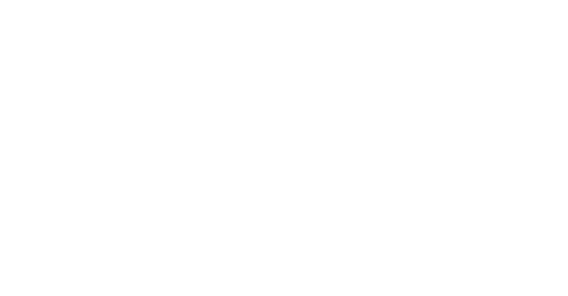  What do you see at coordinates (494, 255) in the screenshot?
I see `'Link'` at bounding box center [494, 255].